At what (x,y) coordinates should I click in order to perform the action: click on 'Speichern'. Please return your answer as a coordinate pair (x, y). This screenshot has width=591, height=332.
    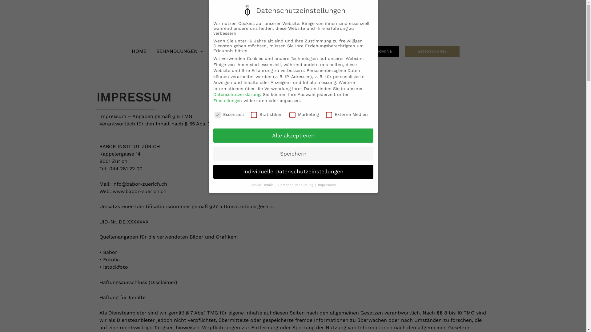
    Looking at the image, I should click on (292, 153).